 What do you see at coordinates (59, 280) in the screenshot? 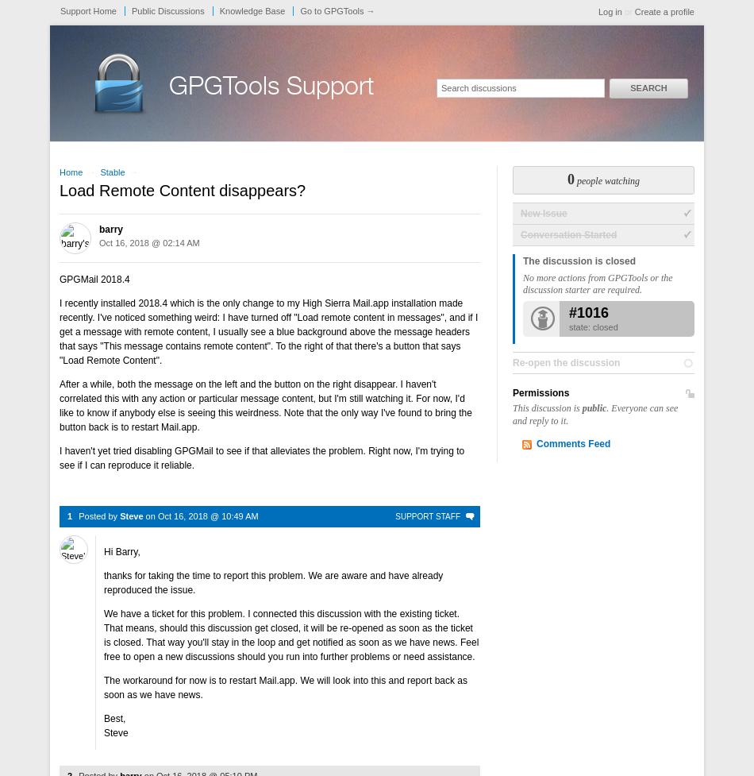
I see `'GPGMail 2018.4'` at bounding box center [59, 280].